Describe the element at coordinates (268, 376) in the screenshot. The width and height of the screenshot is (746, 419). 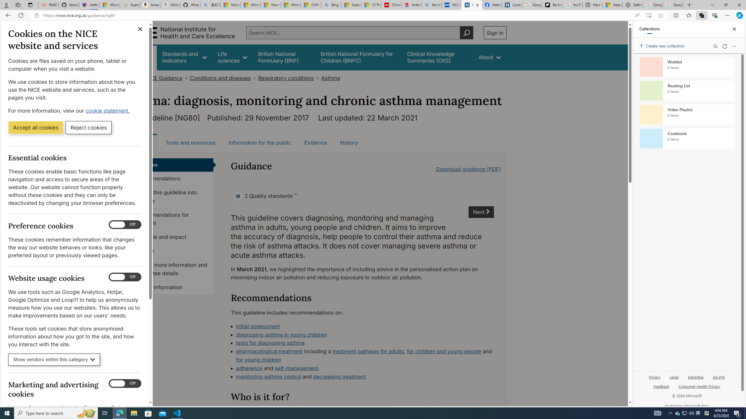
I see `'monitoring asthma control'` at that location.